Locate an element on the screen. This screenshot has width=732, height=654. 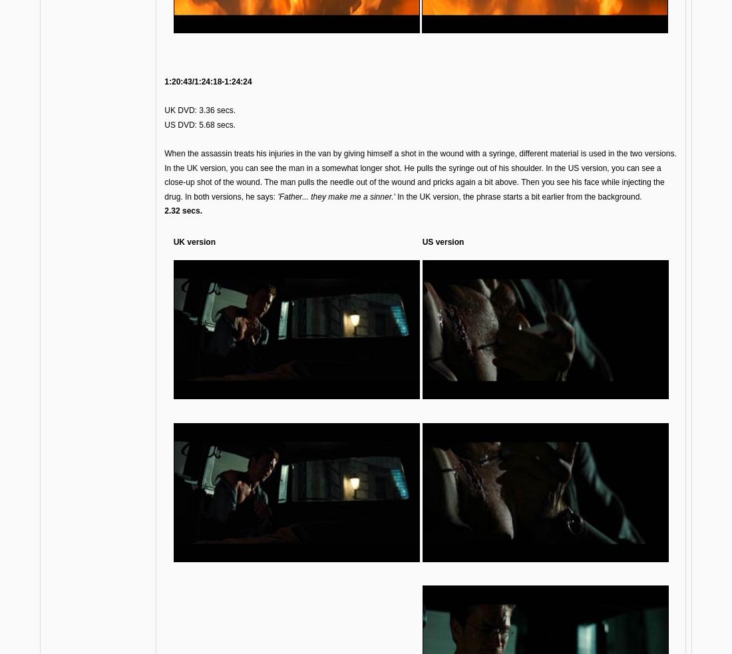
'1:20:43/1:24:18-1:24:24' is located at coordinates (207, 81).